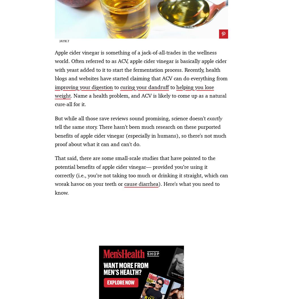 Image resolution: width=283 pixels, height=299 pixels. What do you see at coordinates (106, 119) in the screenshot?
I see `'A Day in the Life of Paul Nicklen'` at bounding box center [106, 119].